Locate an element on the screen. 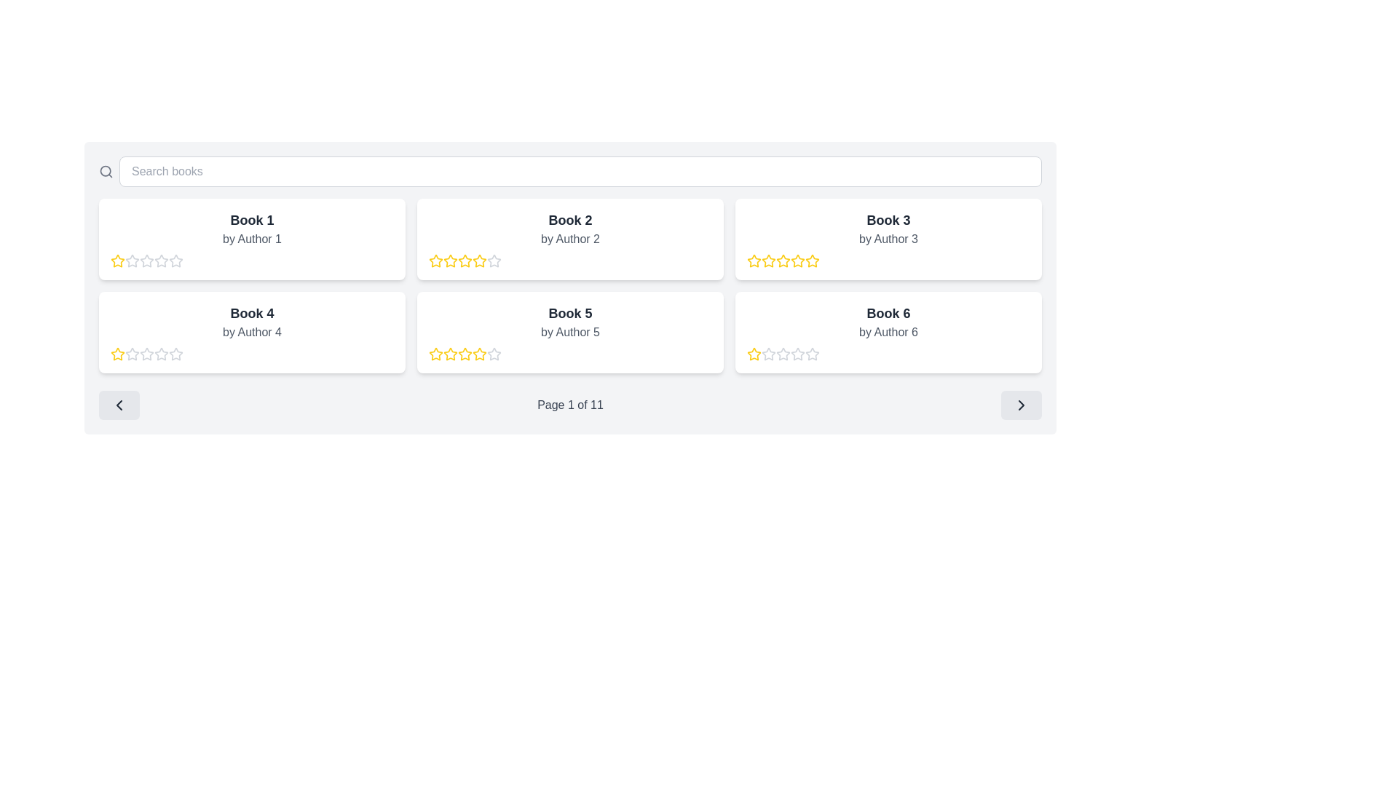  the third rating star in the five-star sequence for the book 'Book 5' by 'Author 5' is located at coordinates (464, 354).